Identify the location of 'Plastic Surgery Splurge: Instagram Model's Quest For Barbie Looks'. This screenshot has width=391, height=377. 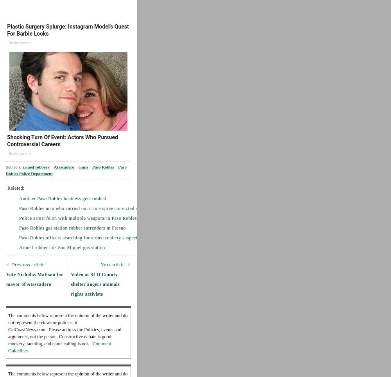
(68, 30).